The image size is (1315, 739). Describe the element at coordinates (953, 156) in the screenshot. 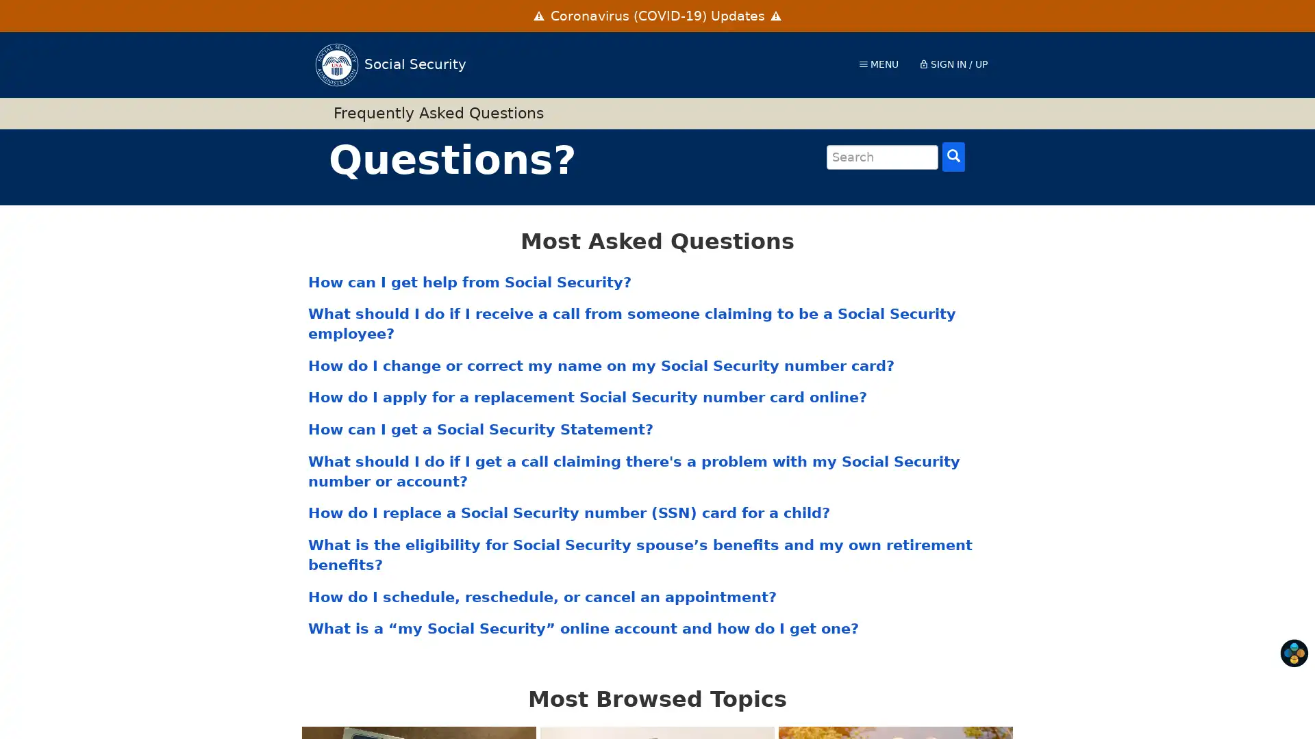

I see `Search` at that location.